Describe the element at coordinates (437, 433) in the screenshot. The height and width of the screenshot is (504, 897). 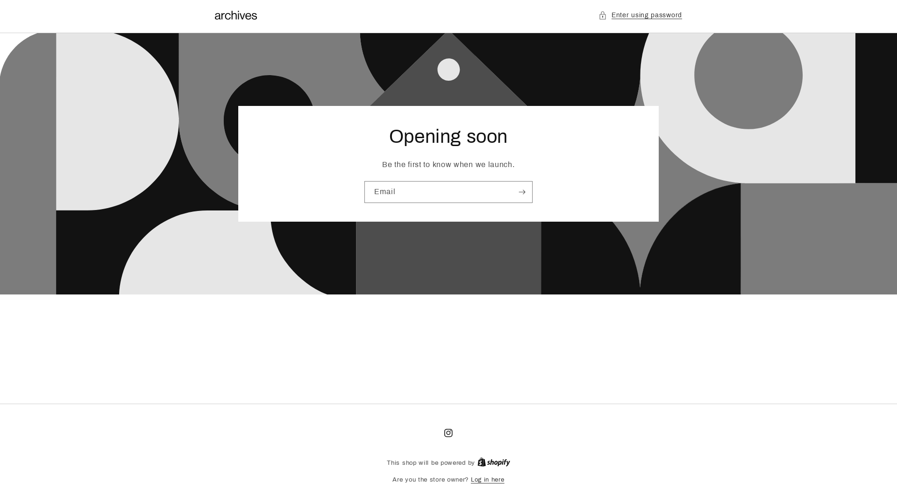
I see `'Instagram'` at that location.